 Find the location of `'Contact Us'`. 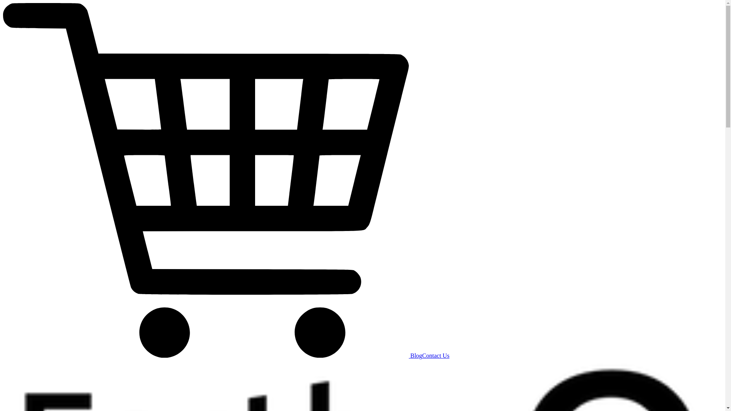

'Contact Us' is located at coordinates (436, 355).